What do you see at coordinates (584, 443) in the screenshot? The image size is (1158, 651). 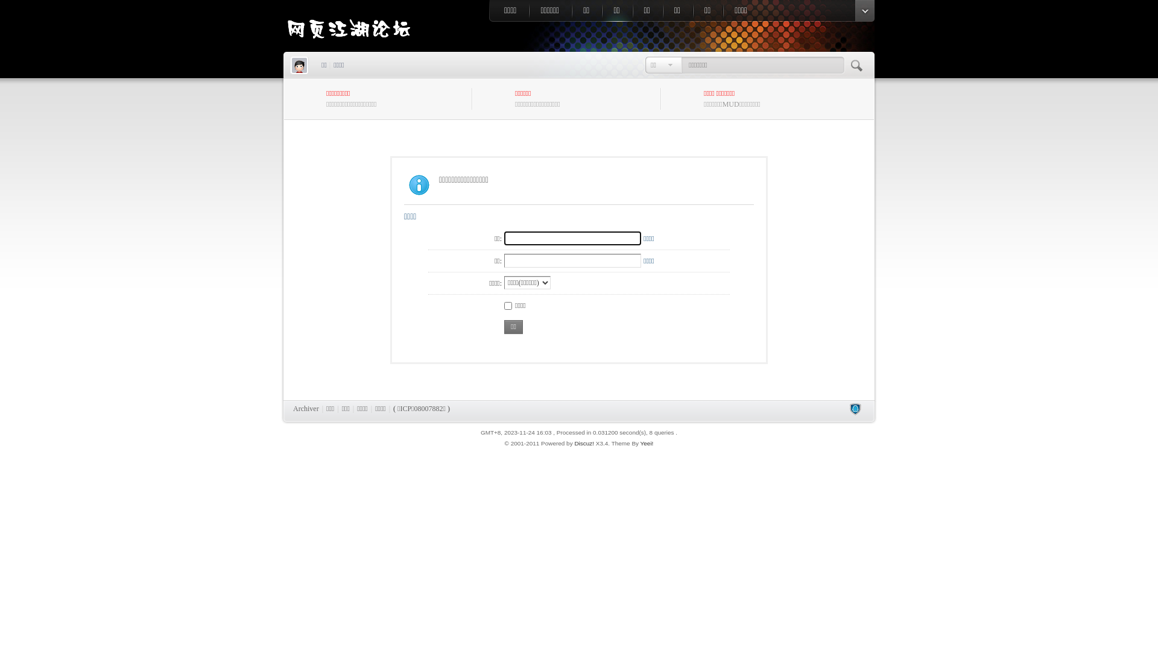 I see `'Discuz!'` at bounding box center [584, 443].